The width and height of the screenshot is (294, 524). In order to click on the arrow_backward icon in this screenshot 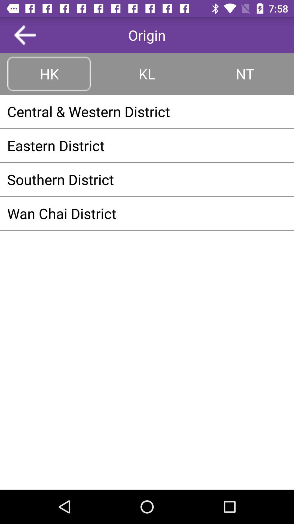, I will do `click(25, 35)`.